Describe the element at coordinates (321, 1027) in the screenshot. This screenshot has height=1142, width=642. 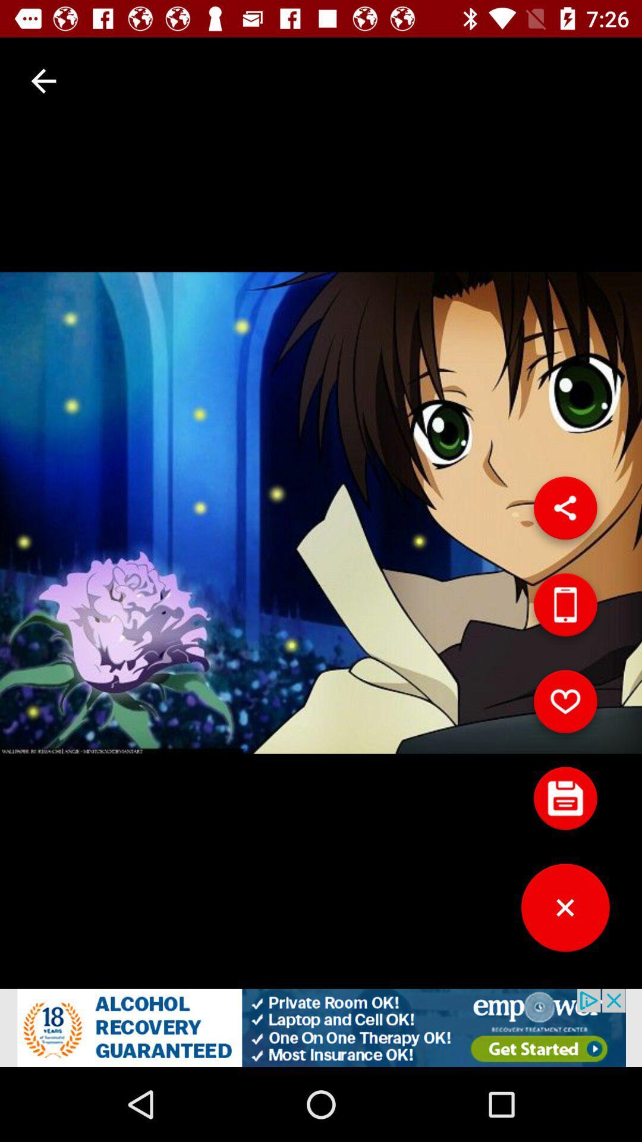
I see `advertisement page` at that location.